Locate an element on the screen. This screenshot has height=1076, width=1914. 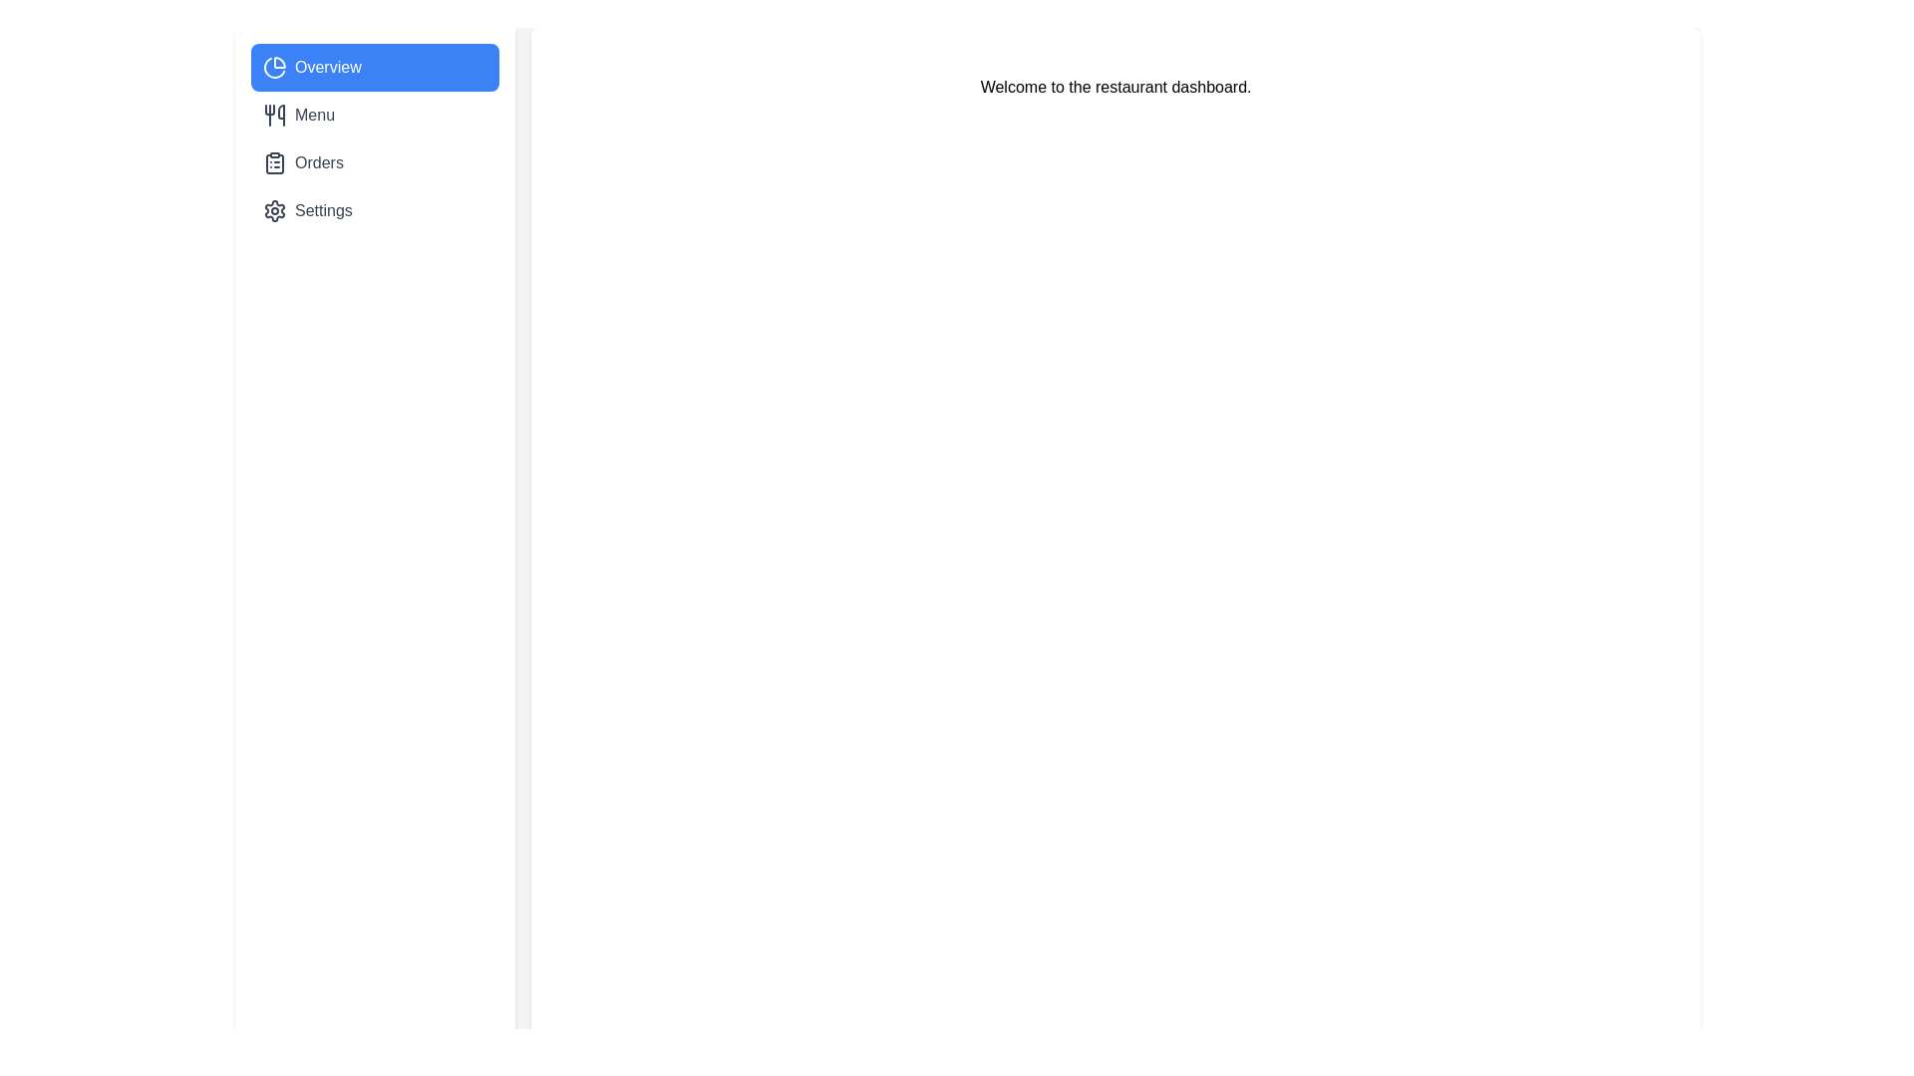
the 'Orders' icon located in the navigation menu on the left side of the interface is located at coordinates (273, 162).